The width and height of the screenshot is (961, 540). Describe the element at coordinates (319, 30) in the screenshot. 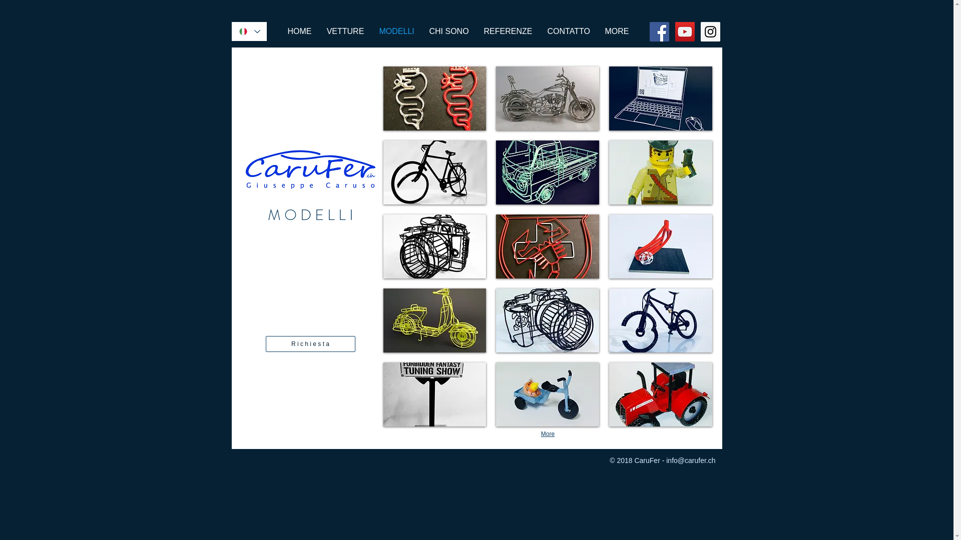

I see `'VETTURE'` at that location.